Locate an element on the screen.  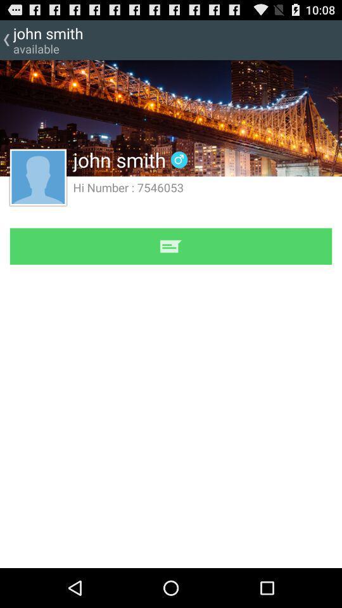
item to the left of the hi number : 7546053 app is located at coordinates (38, 176).